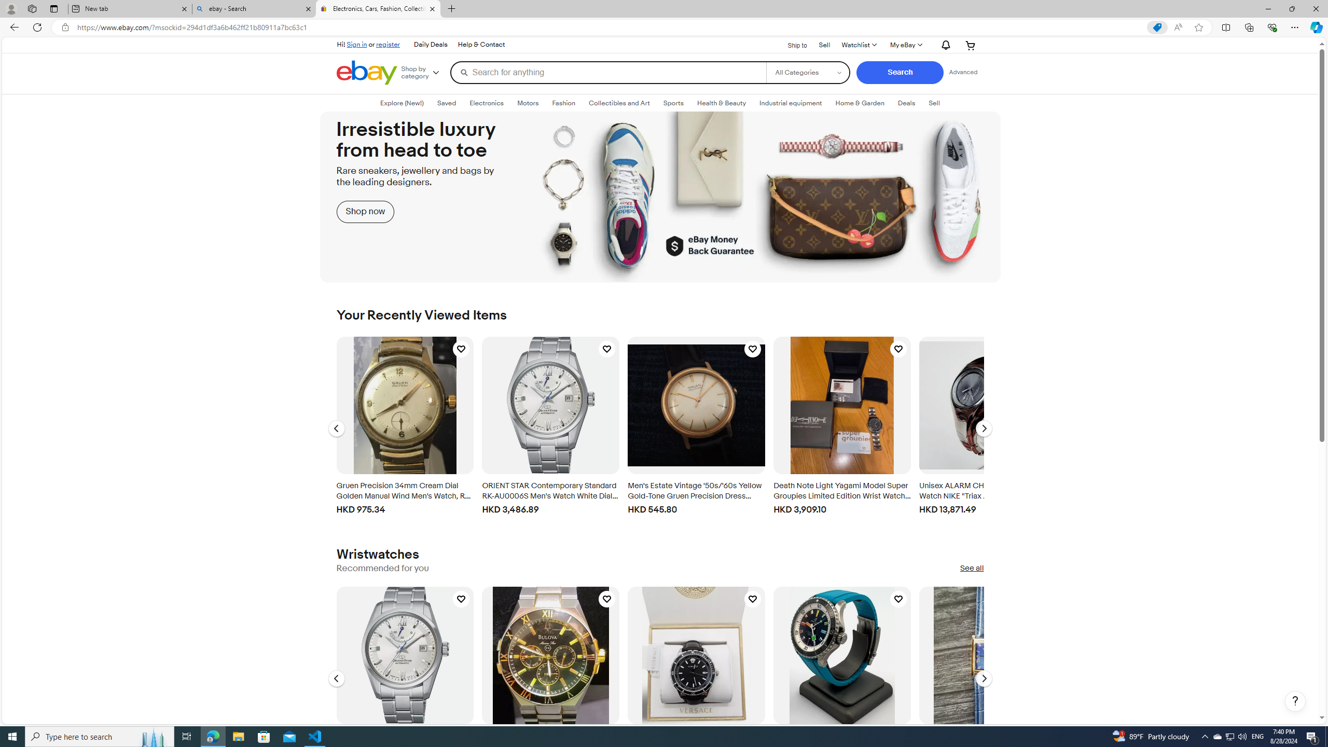 This screenshot has height=747, width=1328. Describe the element at coordinates (563, 103) in the screenshot. I see `'Fashion'` at that location.